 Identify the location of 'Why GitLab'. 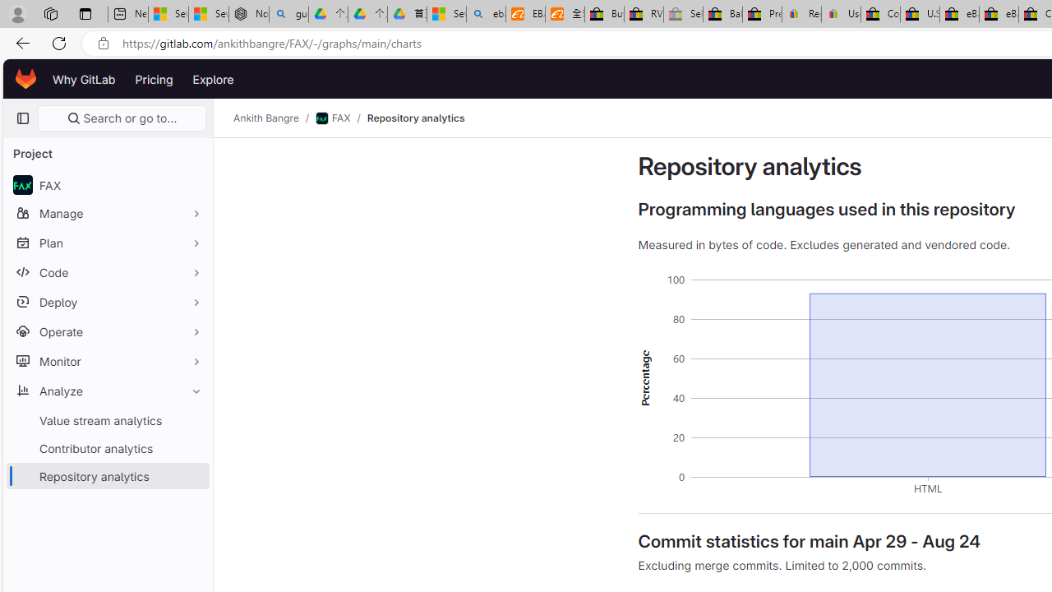
(83, 79).